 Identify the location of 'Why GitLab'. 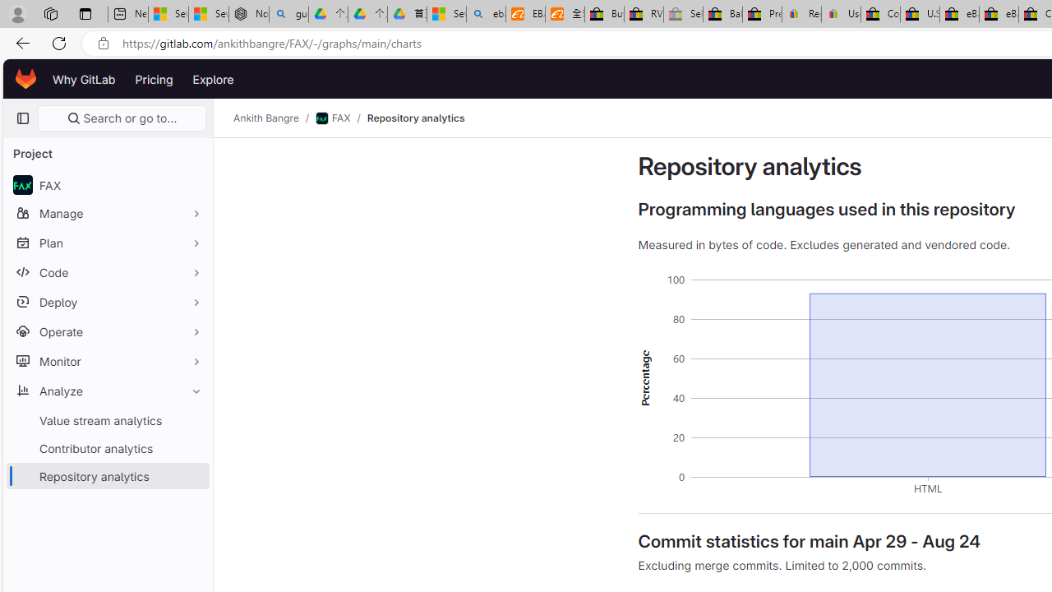
(83, 79).